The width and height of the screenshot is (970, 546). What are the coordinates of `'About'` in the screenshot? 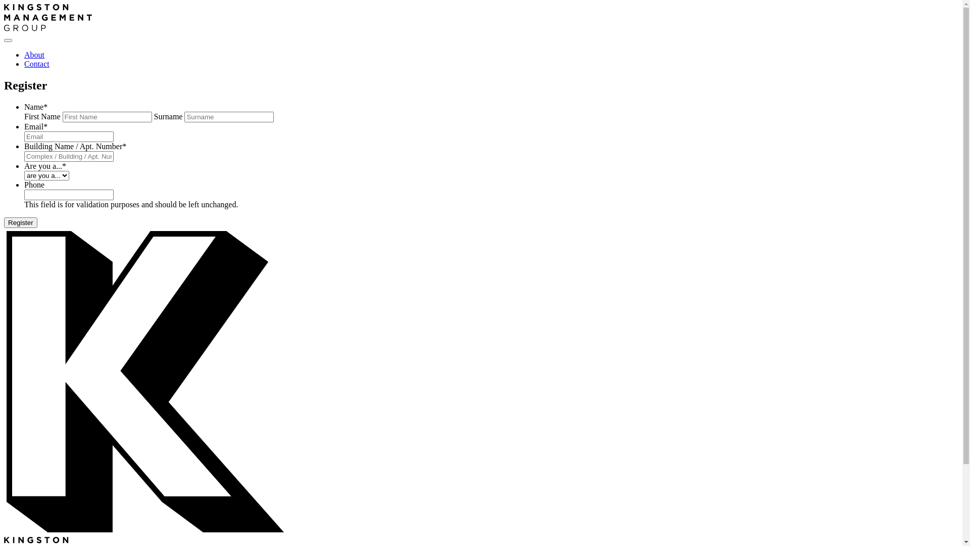 It's located at (34, 55).